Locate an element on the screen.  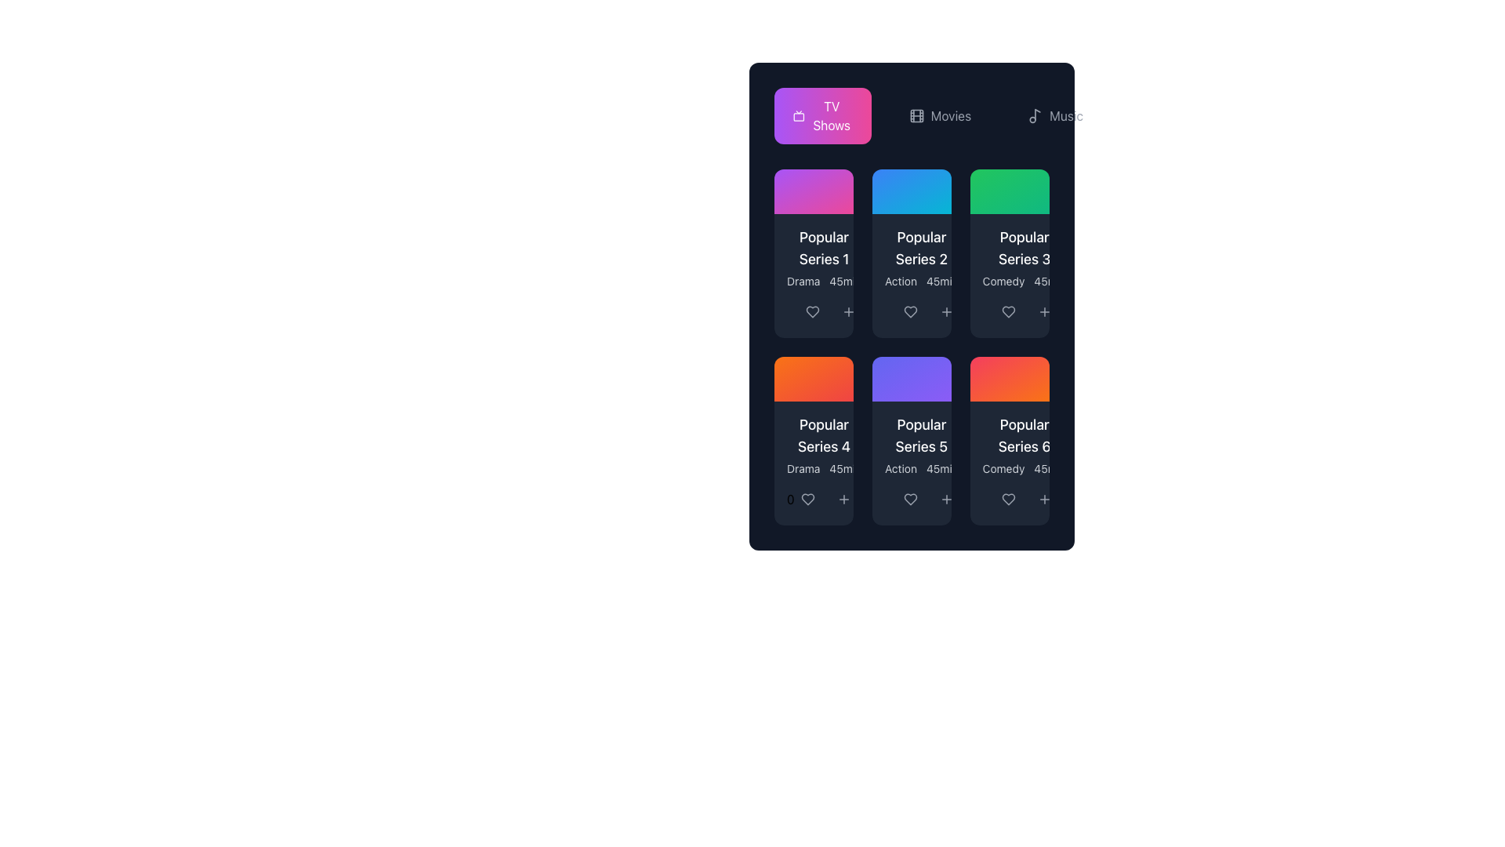
the second card from the left in the top row of cards, which represents an entry for a series with its title, genre, and duration is located at coordinates (912, 256).